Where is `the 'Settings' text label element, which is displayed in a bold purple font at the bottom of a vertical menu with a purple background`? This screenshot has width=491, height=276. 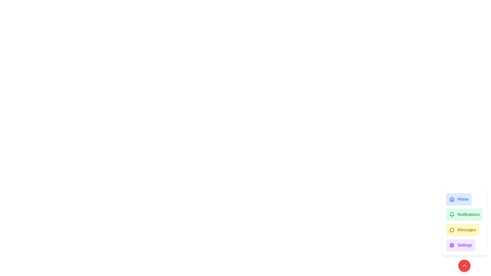
the 'Settings' text label element, which is displayed in a bold purple font at the bottom of a vertical menu with a purple background is located at coordinates (465, 245).